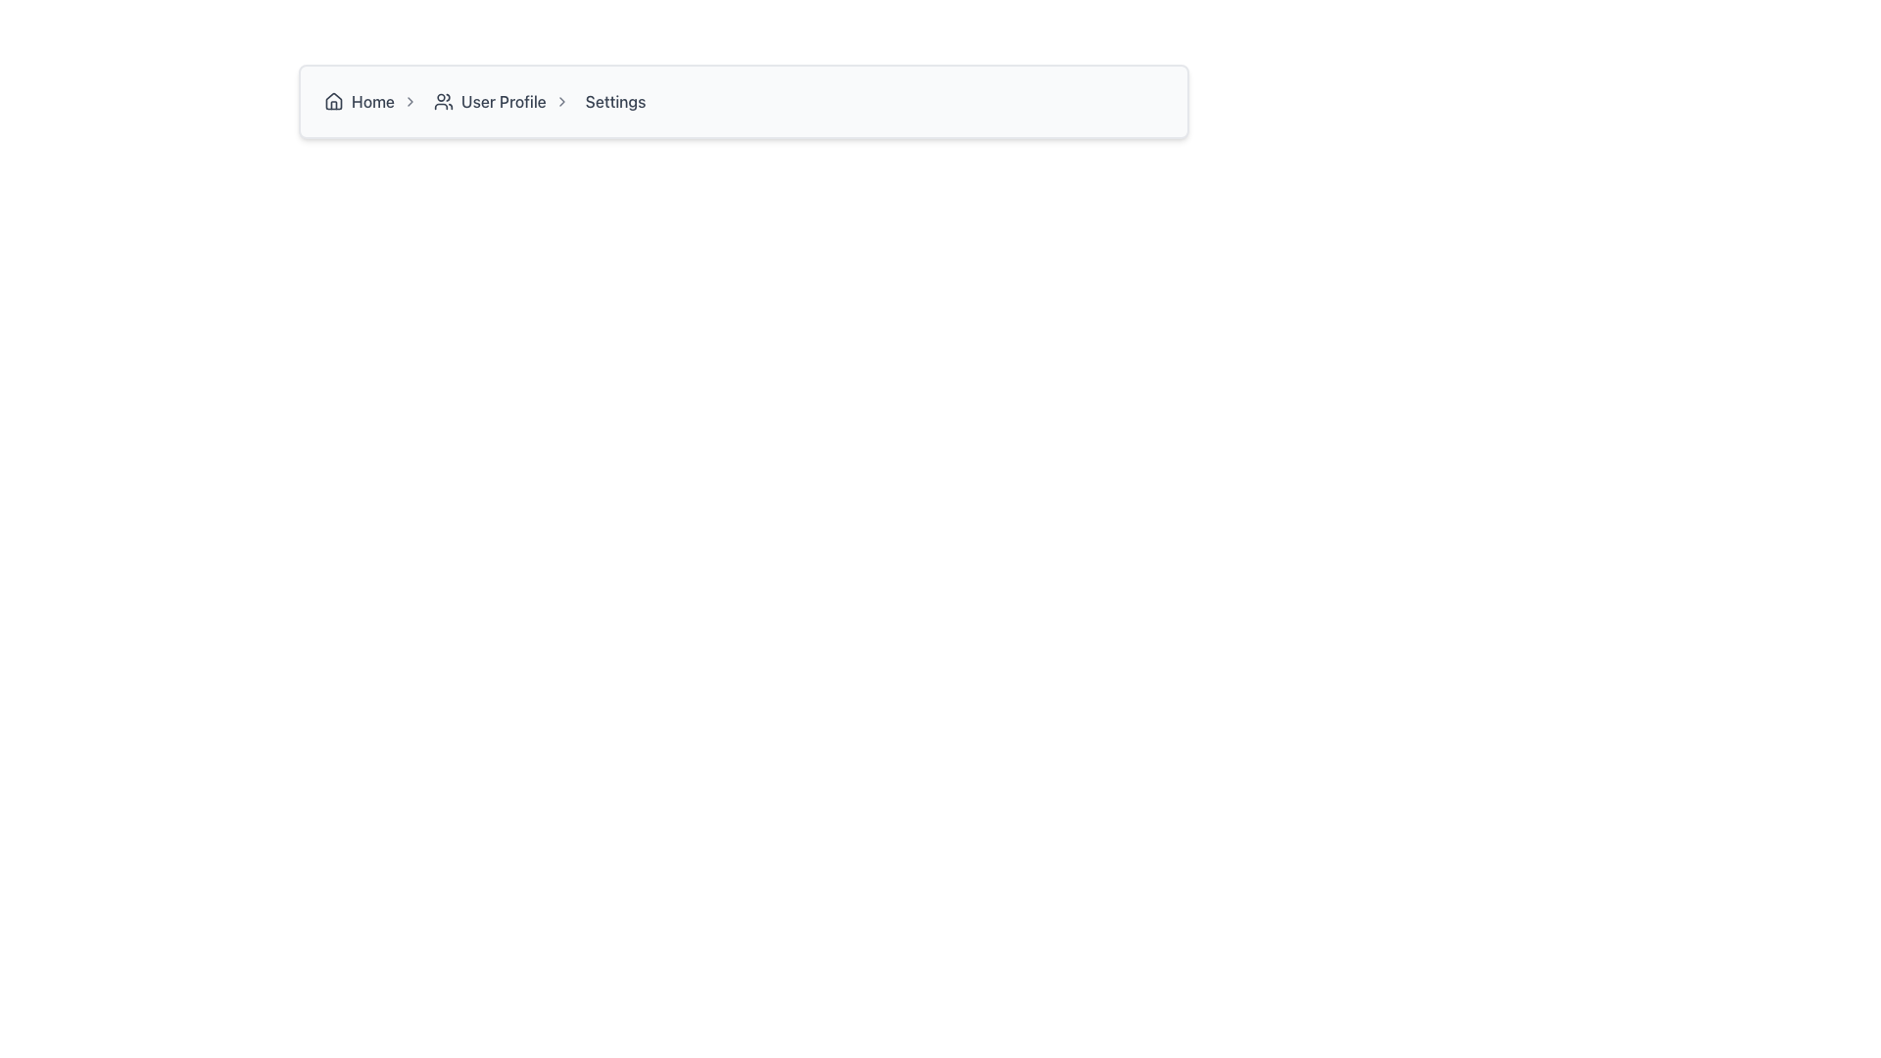 Image resolution: width=1881 pixels, height=1058 pixels. I want to click on the user profile icon, which is a compact icon representing users with two stylized human figures, located next to the 'User Profile' text in the breadcrumb navigation bar, so click(442, 102).